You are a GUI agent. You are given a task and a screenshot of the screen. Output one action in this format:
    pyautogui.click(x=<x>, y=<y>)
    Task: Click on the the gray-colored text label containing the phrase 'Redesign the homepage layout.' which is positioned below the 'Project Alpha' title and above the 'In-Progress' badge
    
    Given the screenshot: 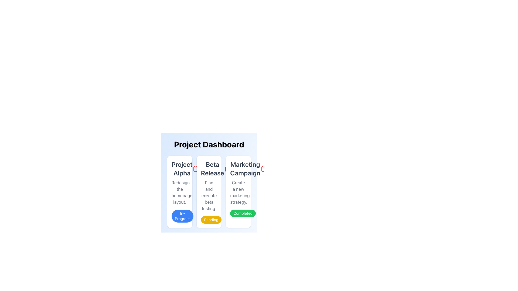 What is the action you would take?
    pyautogui.click(x=180, y=192)
    